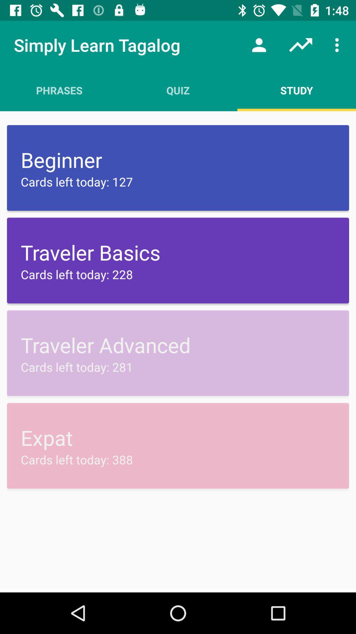 The width and height of the screenshot is (356, 634). I want to click on the quiz app, so click(178, 90).